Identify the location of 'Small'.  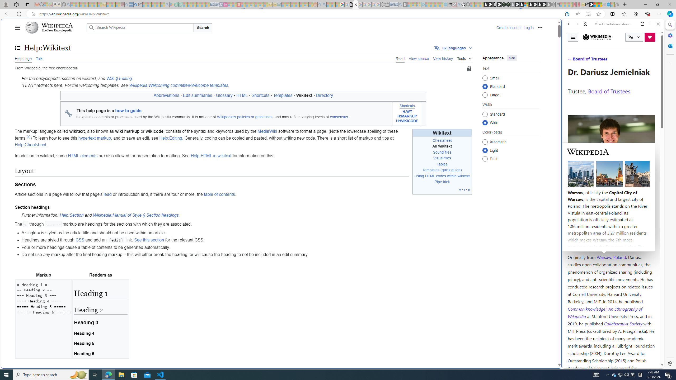
(485, 78).